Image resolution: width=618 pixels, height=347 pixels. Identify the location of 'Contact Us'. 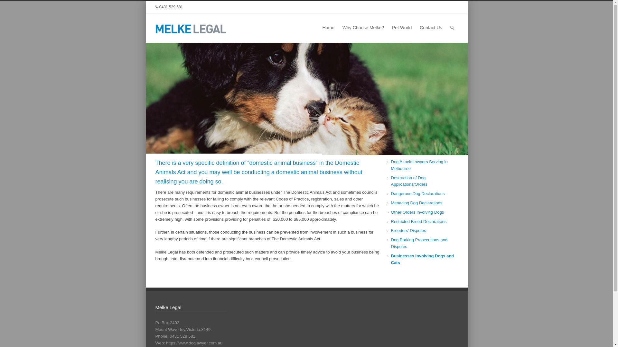
(431, 28).